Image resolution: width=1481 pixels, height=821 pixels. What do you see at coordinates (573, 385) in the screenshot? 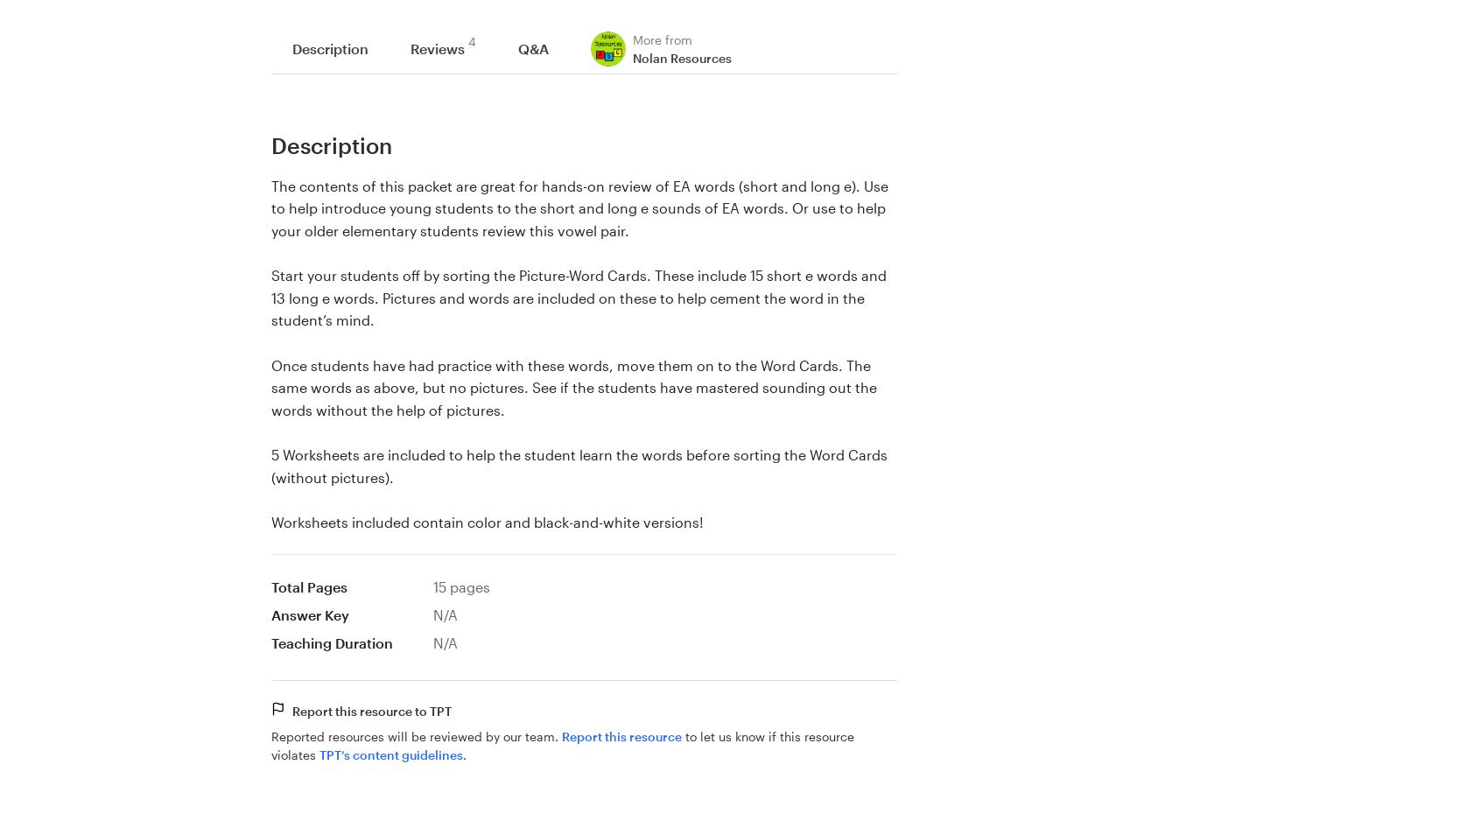
I see `'Once students have had practice with these words, move them on to the Word Cards. The same words as above, but no pictures. See if the students have mastered sounding out the words without the help of pictures.'` at bounding box center [573, 385].